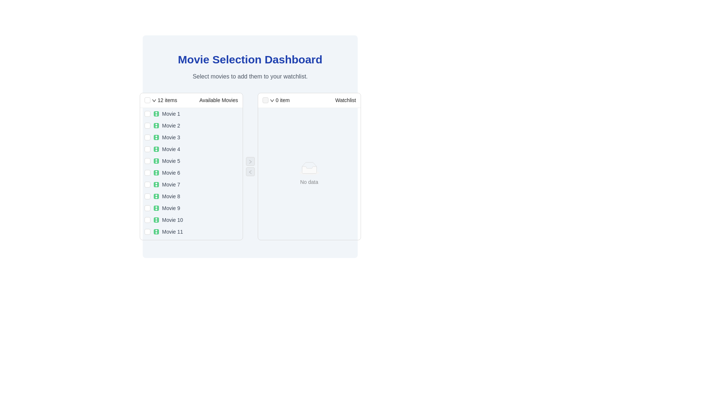 This screenshot has width=708, height=398. What do you see at coordinates (172, 231) in the screenshot?
I see `text label that displays 'Movie 11', which is the last item in the 'Available Movies' section of the list` at bounding box center [172, 231].